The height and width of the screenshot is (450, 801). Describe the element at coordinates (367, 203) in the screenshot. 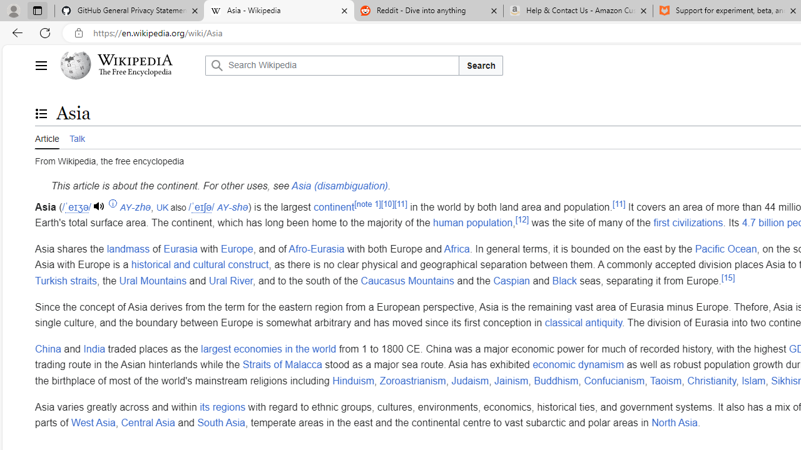

I see `'[note 1]'` at that location.